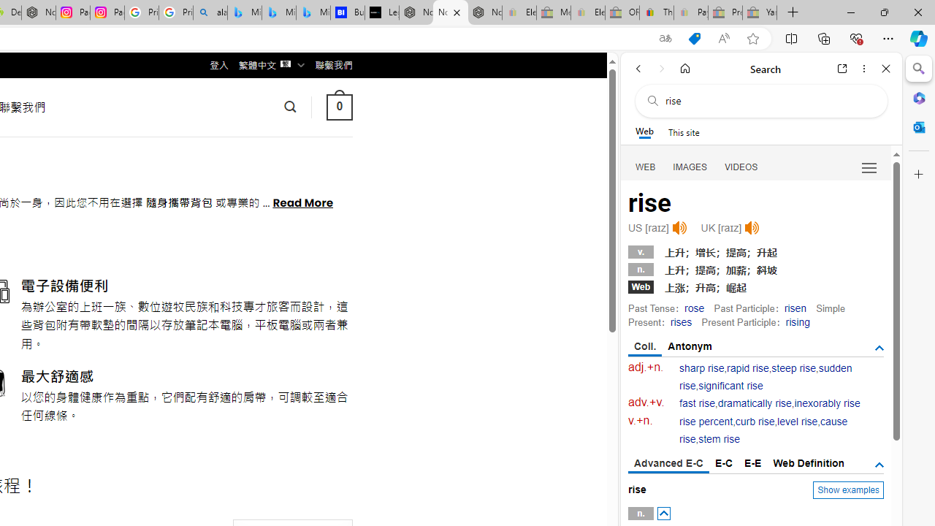 The image size is (935, 526). What do you see at coordinates (768, 100) in the screenshot?
I see `'Search the web'` at bounding box center [768, 100].